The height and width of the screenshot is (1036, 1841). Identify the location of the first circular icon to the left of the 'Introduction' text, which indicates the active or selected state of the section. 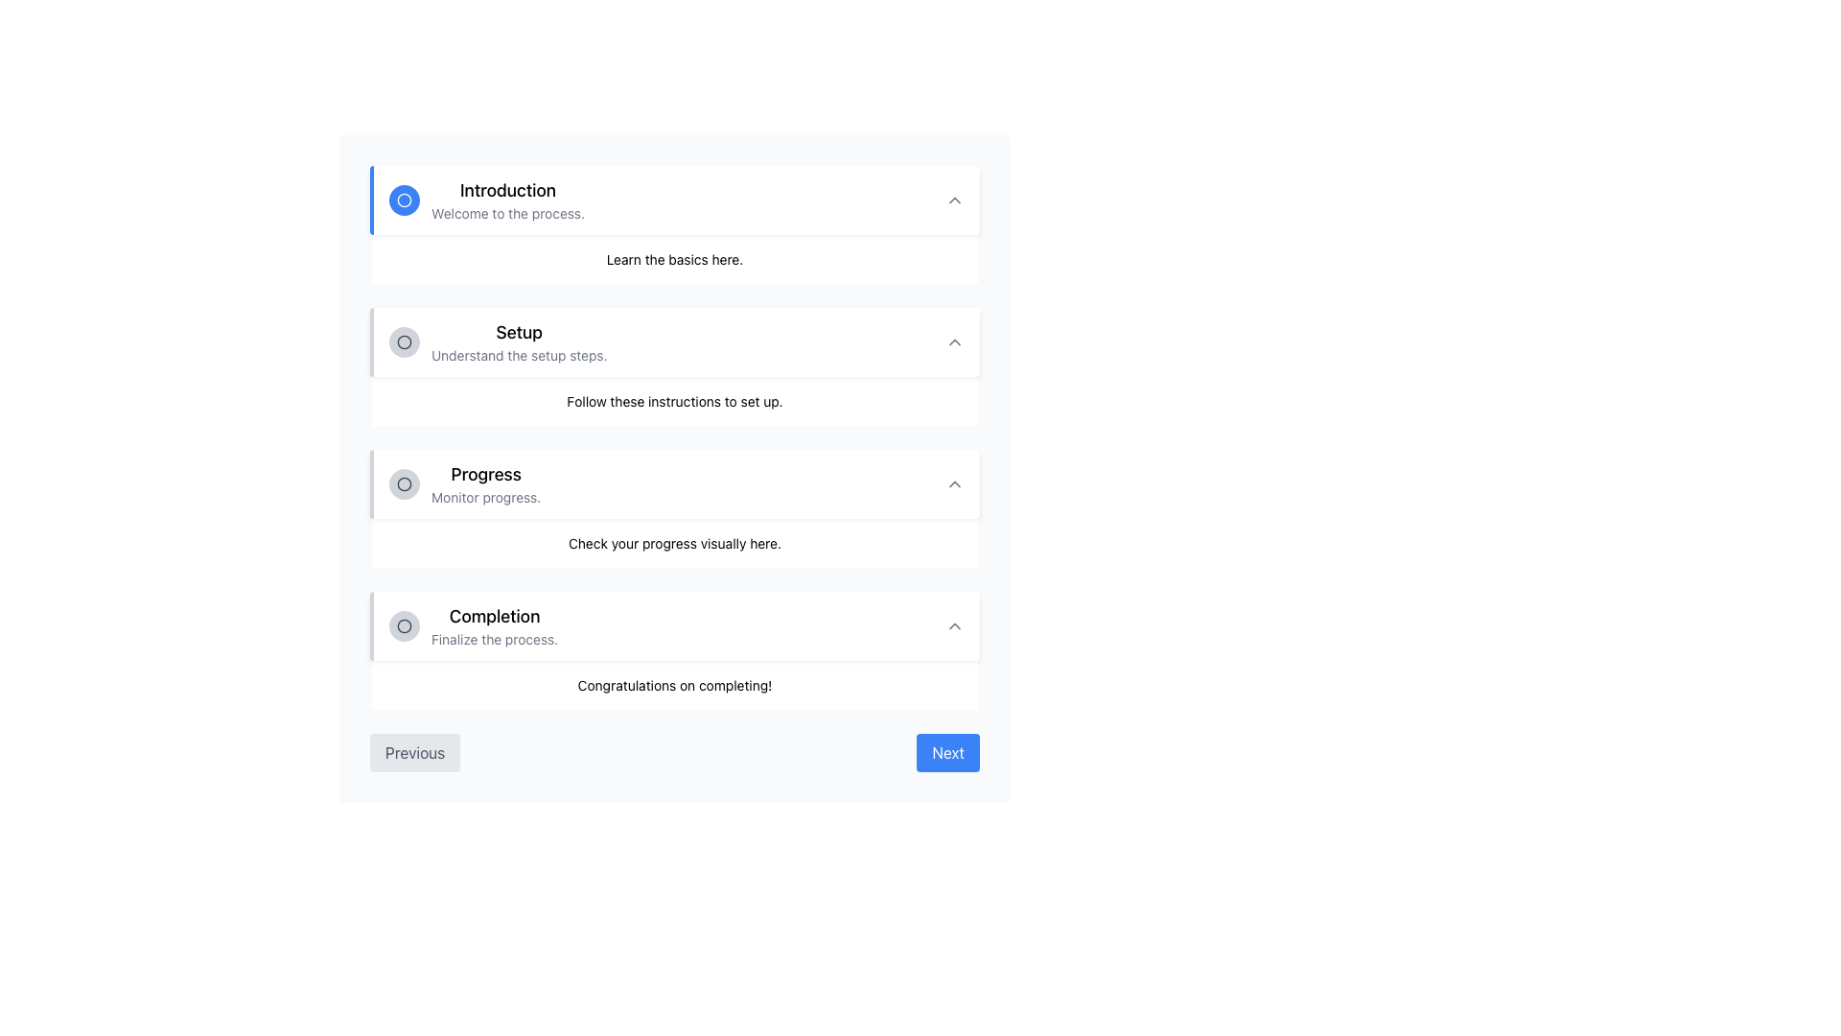
(404, 200).